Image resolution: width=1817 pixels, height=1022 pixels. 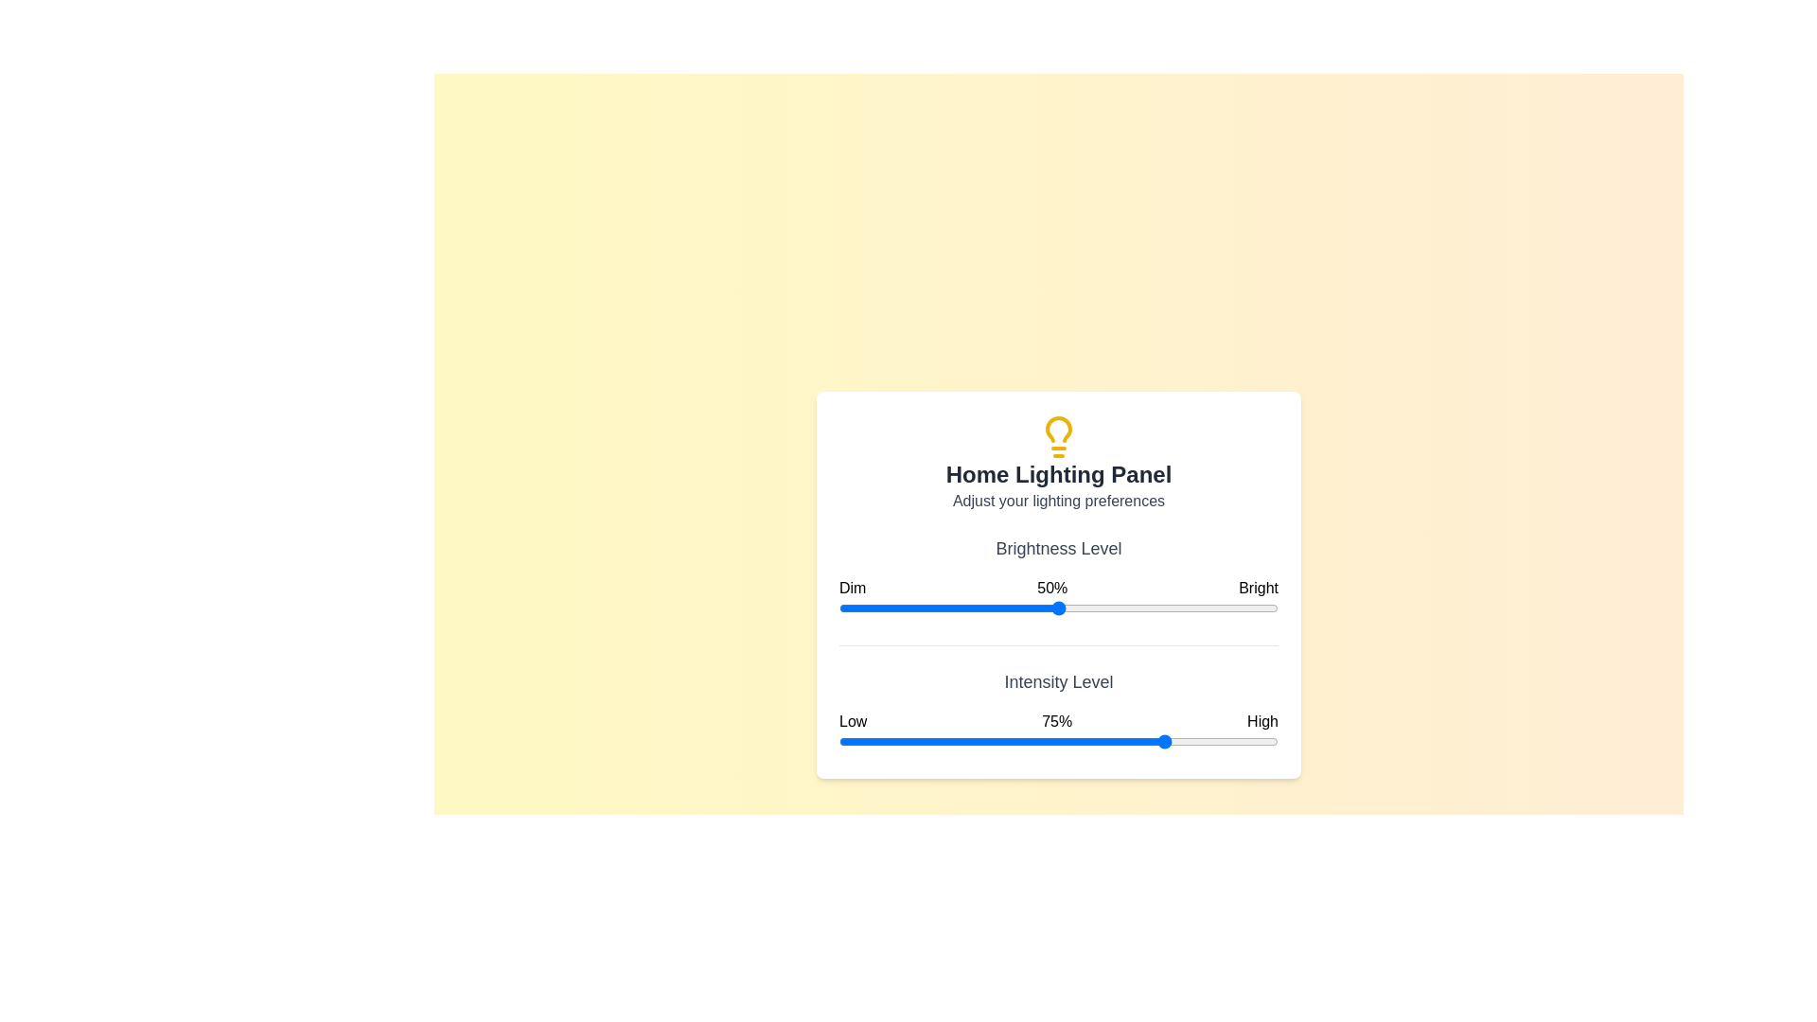 I want to click on the text label displaying '75%' which indicates the intensity level of the slider, positioned between the labels 'Low' and 'High', so click(x=1056, y=721).